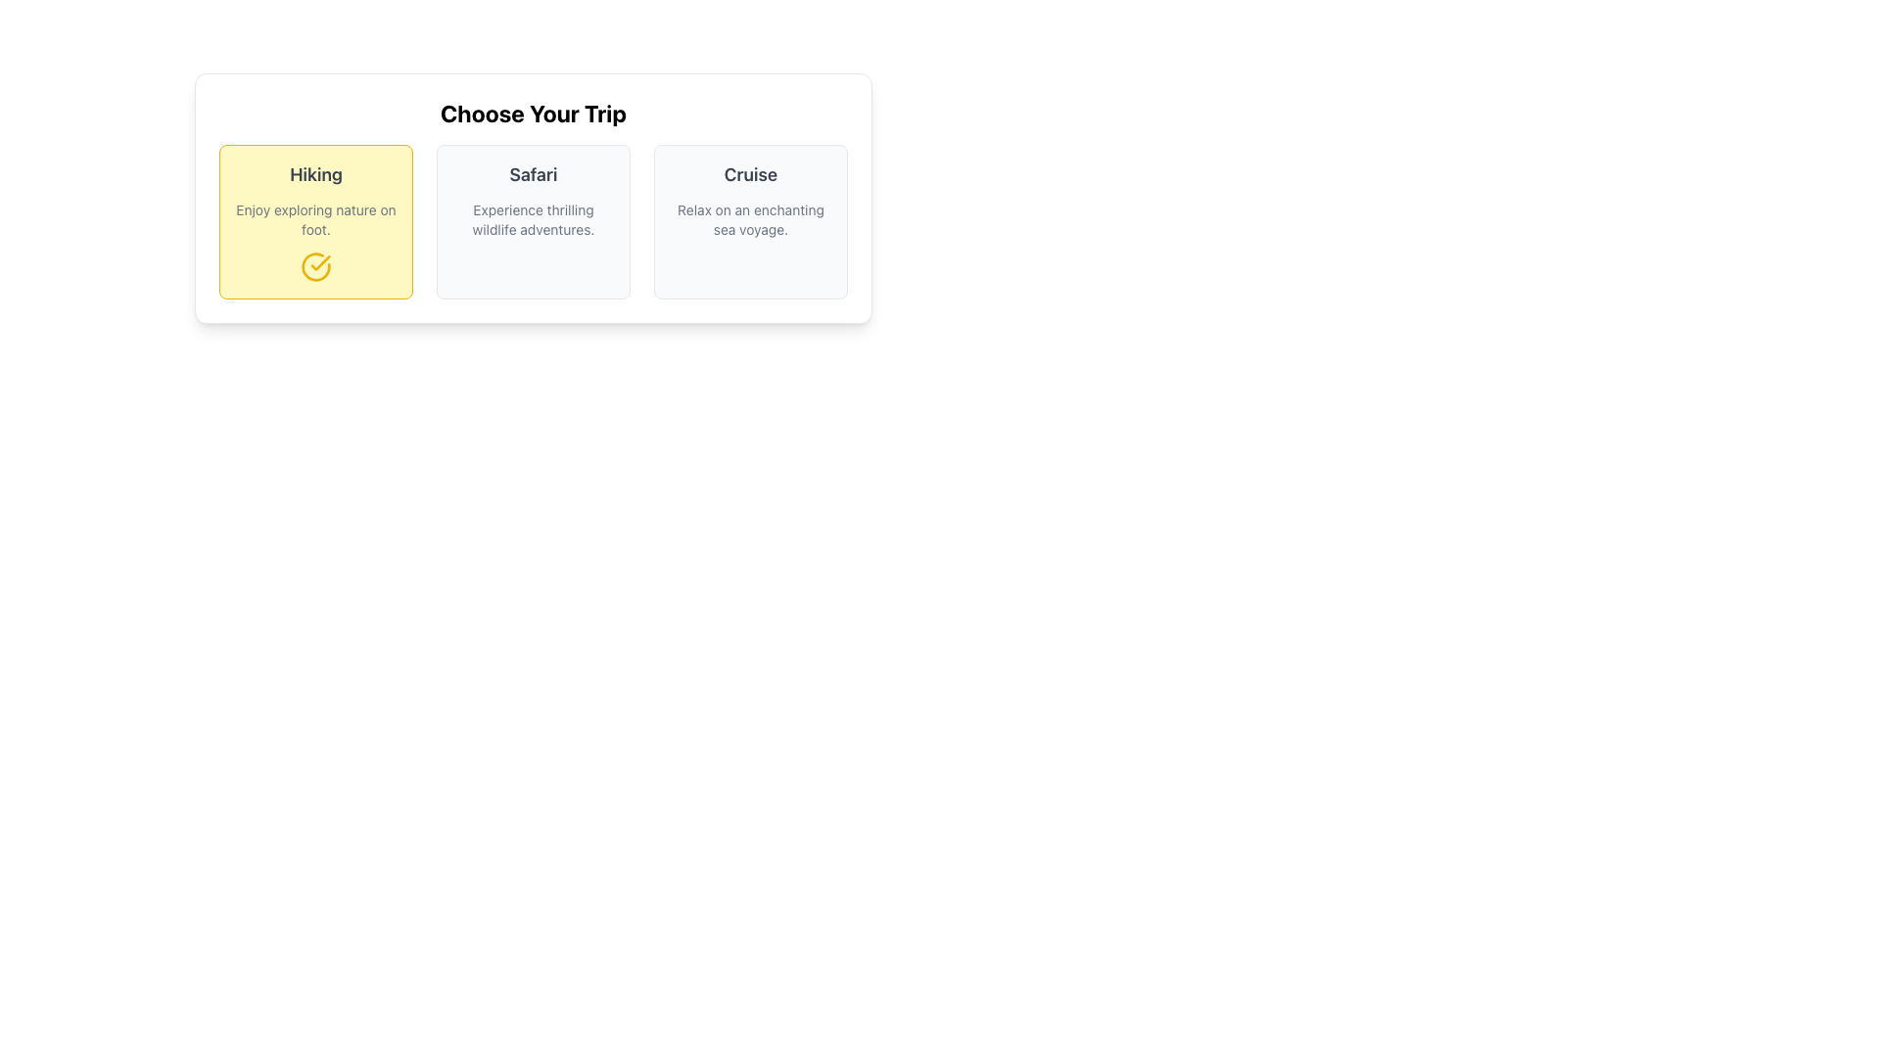 This screenshot has height=1057, width=1880. I want to click on the 'Safari' card in the middle column of the selection interface, so click(534, 221).